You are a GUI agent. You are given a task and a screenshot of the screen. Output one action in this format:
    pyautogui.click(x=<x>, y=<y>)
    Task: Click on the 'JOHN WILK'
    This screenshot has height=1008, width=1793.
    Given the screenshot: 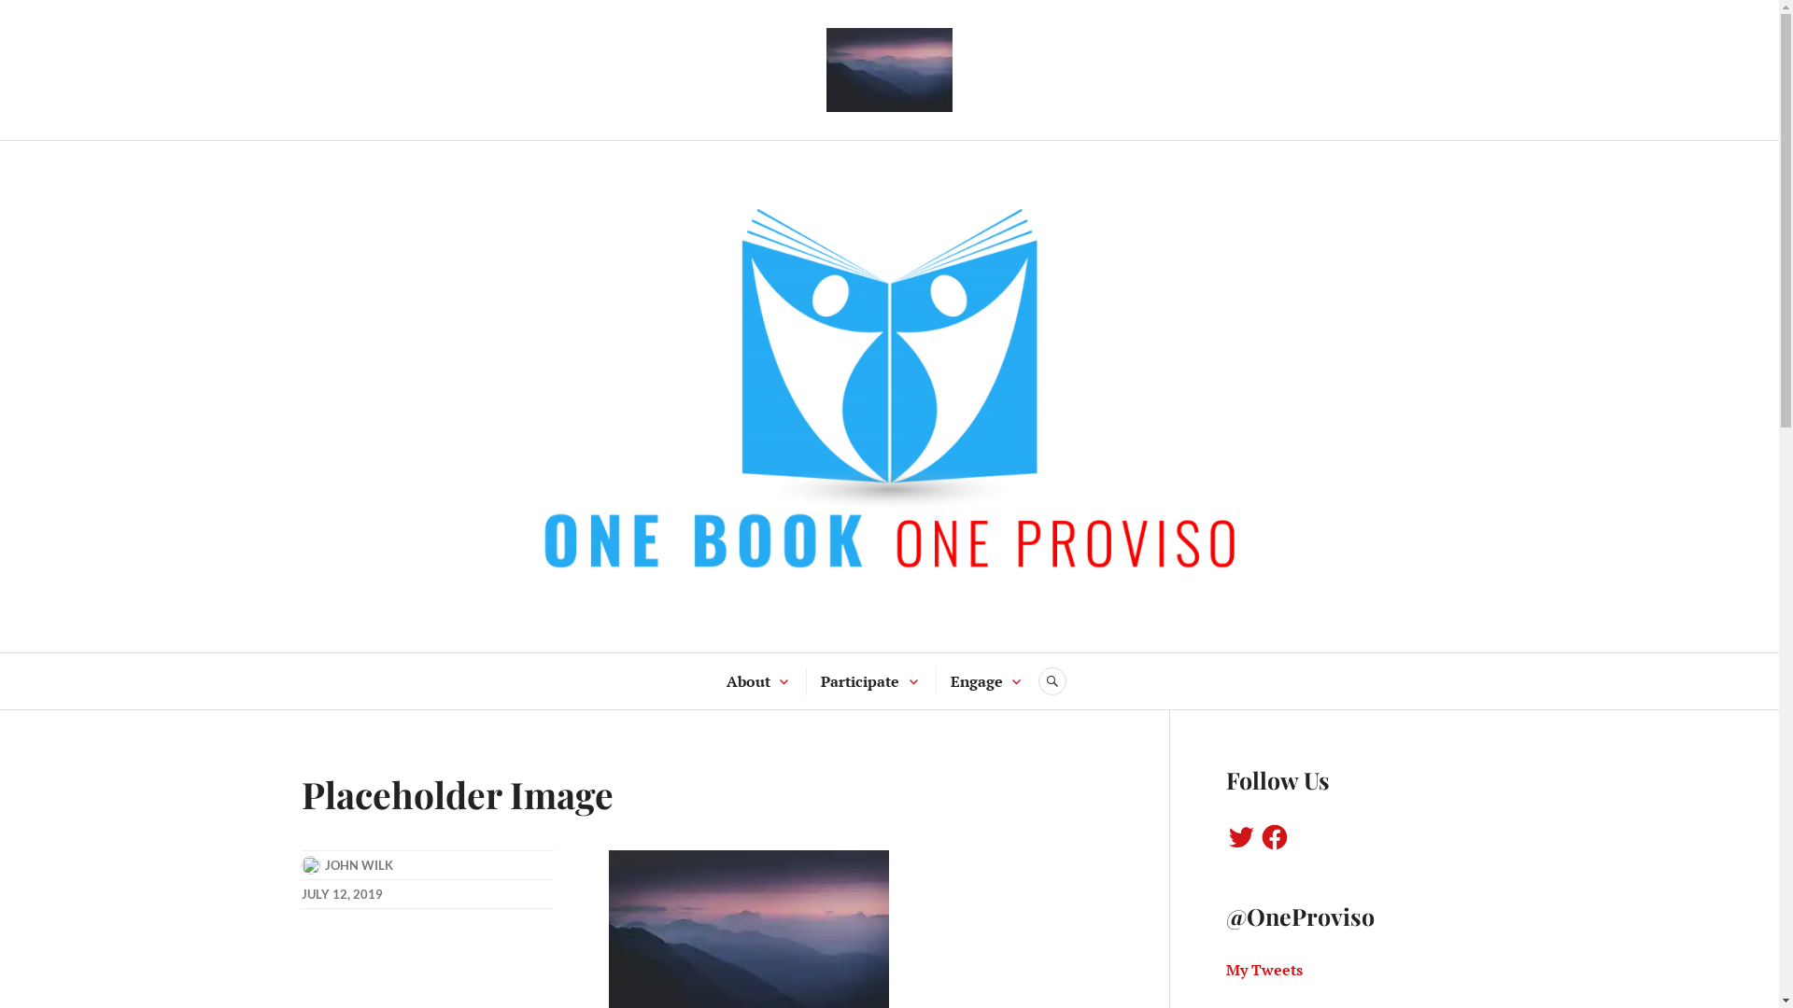 What is the action you would take?
    pyautogui.click(x=359, y=864)
    